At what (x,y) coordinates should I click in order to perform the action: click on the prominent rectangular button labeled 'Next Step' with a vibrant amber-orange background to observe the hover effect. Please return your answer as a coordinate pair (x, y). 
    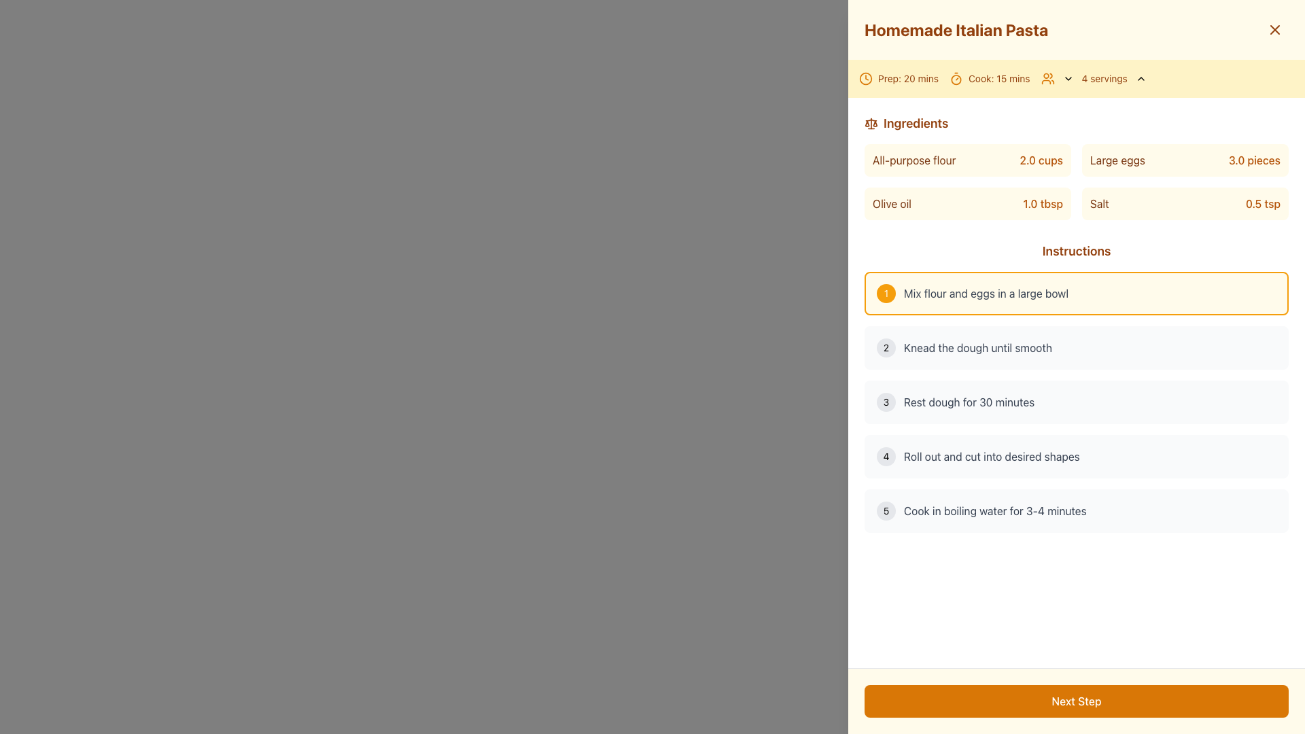
    Looking at the image, I should click on (1076, 701).